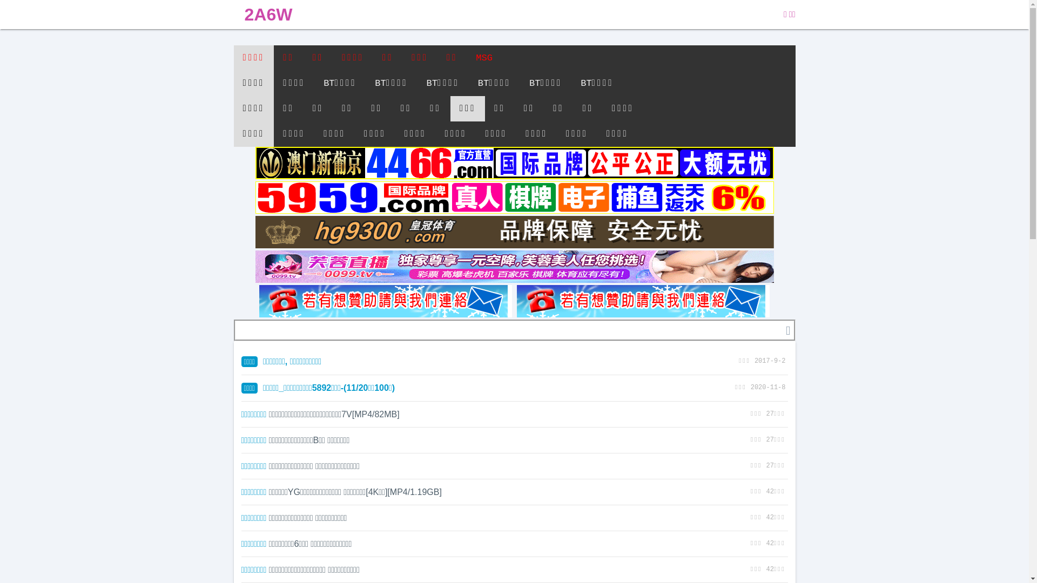 This screenshot has height=583, width=1037. I want to click on 'MSG', so click(483, 58).